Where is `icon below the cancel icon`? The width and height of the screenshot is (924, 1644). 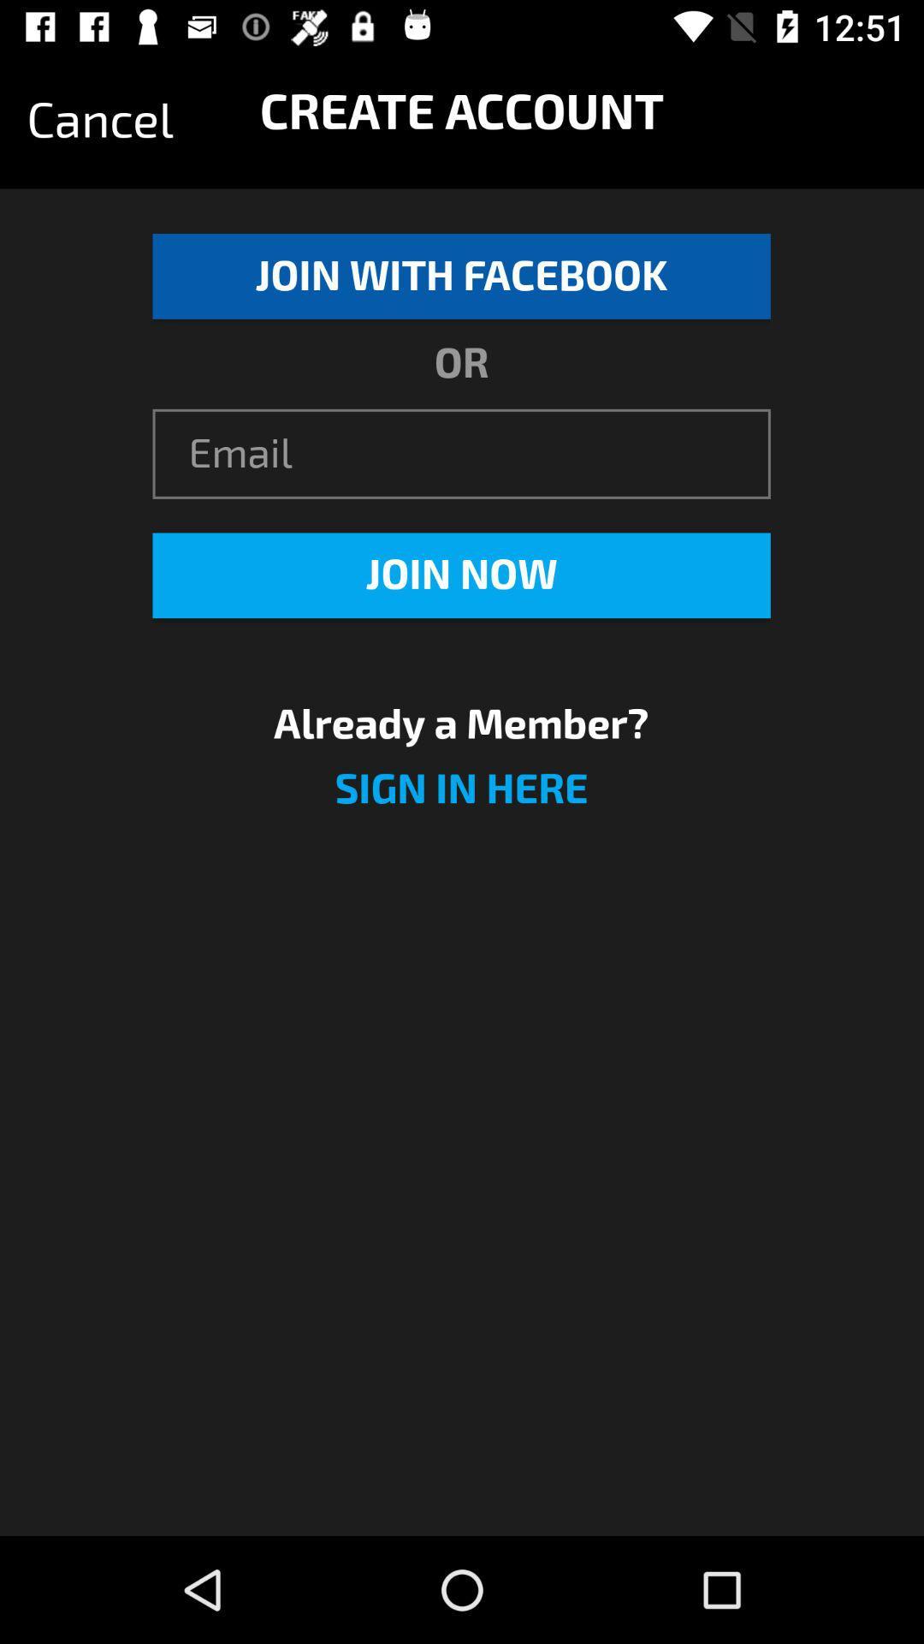 icon below the cancel icon is located at coordinates (460, 276).